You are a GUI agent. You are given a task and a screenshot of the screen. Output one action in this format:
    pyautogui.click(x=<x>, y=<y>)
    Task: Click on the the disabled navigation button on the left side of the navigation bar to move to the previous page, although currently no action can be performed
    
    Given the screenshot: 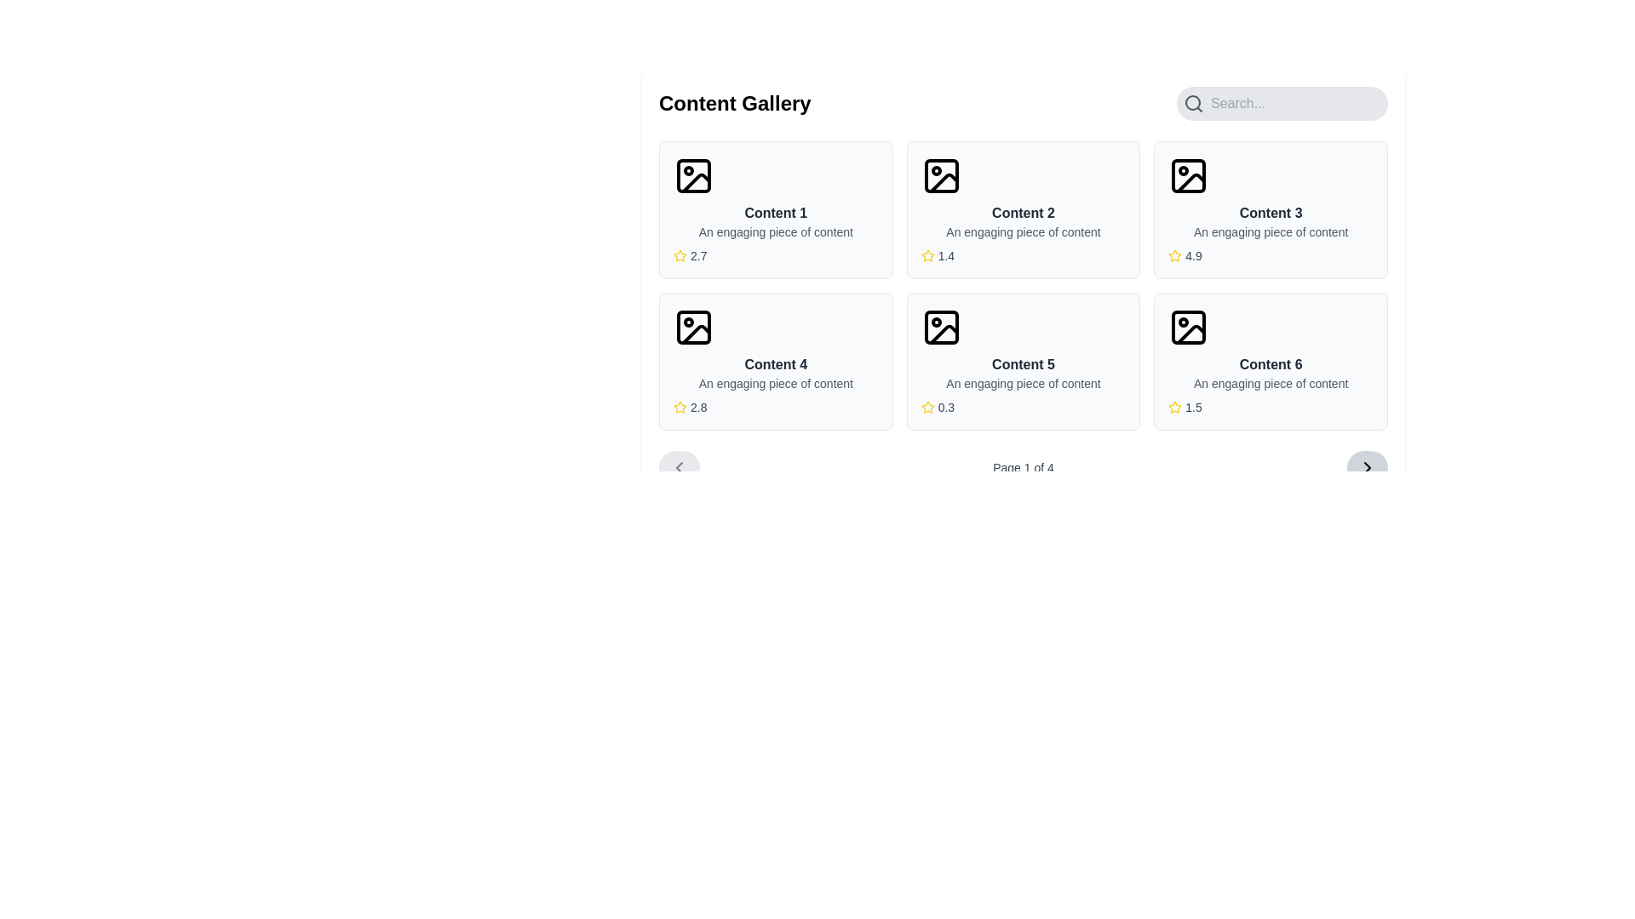 What is the action you would take?
    pyautogui.click(x=678, y=468)
    